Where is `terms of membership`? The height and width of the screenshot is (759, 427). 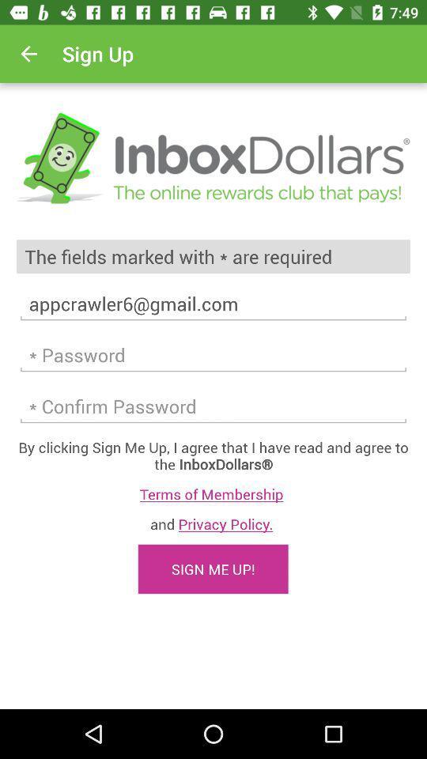 terms of membership is located at coordinates (213, 493).